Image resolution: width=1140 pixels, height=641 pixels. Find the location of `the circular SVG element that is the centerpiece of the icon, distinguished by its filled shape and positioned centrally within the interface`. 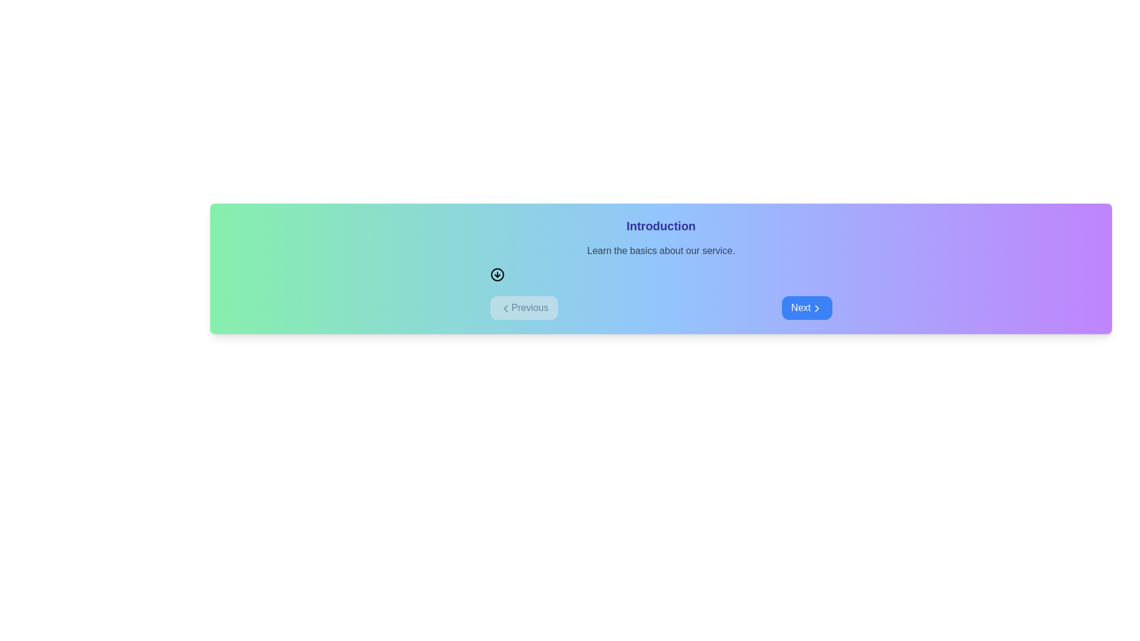

the circular SVG element that is the centerpiece of the icon, distinguished by its filled shape and positioned centrally within the interface is located at coordinates (497, 274).